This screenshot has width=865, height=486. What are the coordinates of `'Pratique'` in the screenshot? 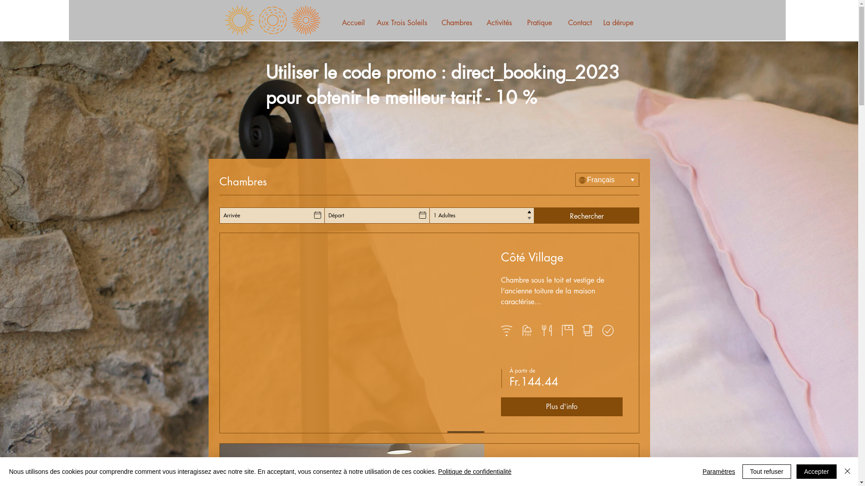 It's located at (539, 22).